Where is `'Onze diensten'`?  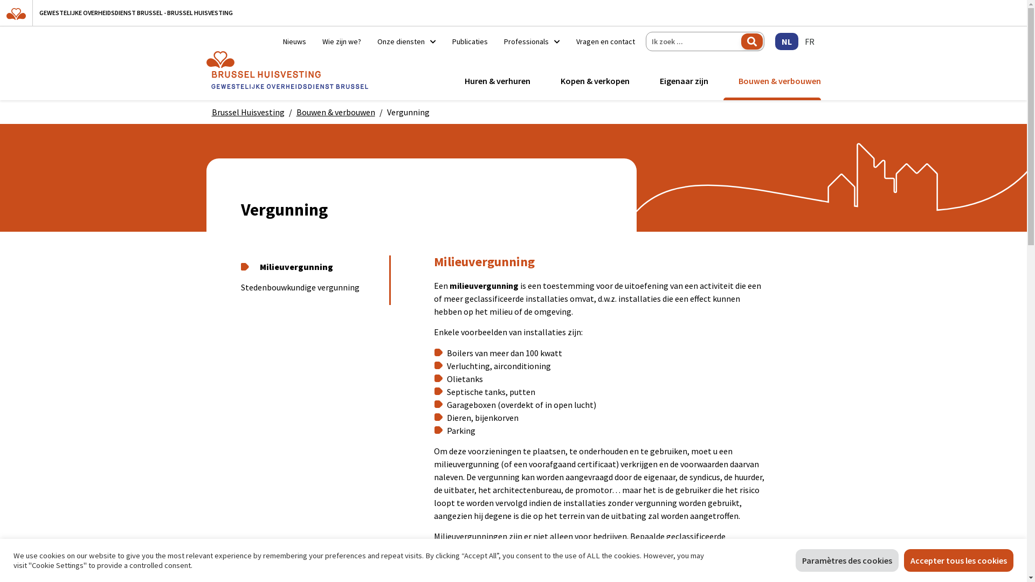
'Onze diensten' is located at coordinates (369, 41).